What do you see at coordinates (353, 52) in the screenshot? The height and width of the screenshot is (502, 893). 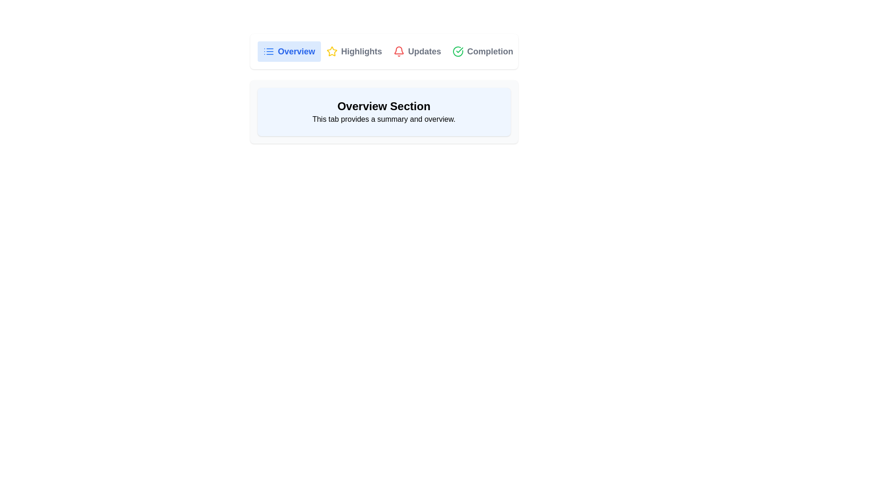 I see `the Interactive tab located between the 'Overview' and 'Updates' tabs` at bounding box center [353, 52].